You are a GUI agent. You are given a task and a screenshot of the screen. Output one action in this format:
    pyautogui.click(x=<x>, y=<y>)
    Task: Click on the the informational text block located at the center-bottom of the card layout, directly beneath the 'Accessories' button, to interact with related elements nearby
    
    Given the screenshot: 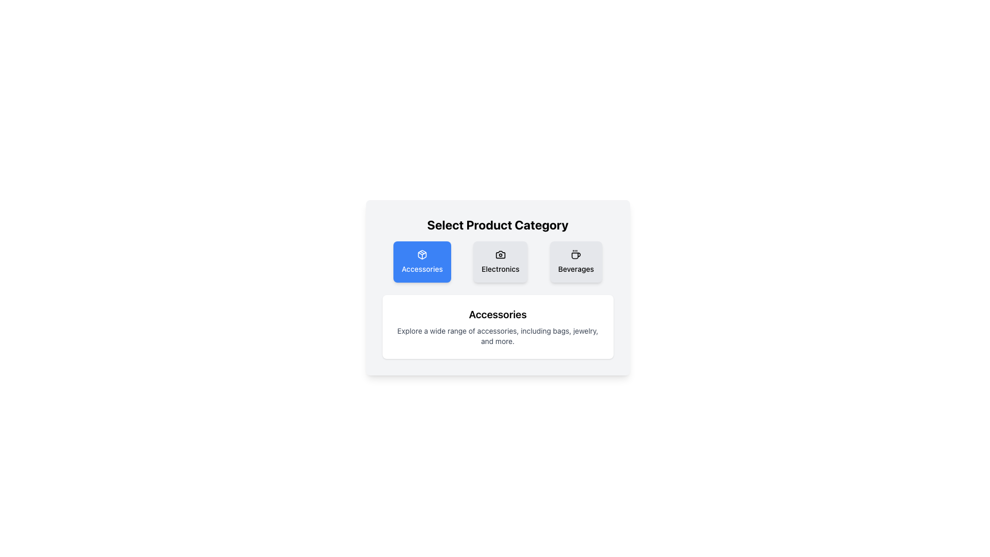 What is the action you would take?
    pyautogui.click(x=498, y=326)
    